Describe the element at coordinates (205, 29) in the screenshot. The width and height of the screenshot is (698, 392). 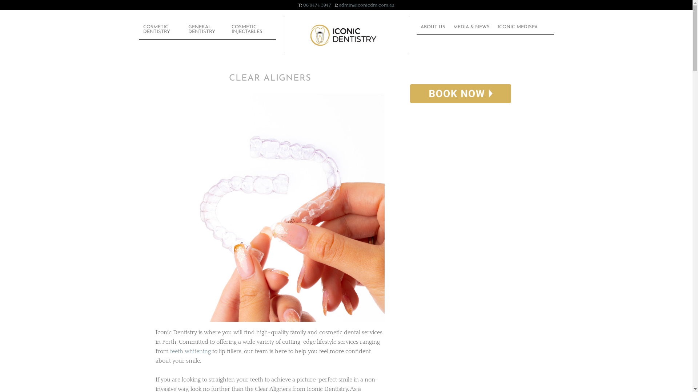
I see `'GENERAL DENTISTRY'` at that location.